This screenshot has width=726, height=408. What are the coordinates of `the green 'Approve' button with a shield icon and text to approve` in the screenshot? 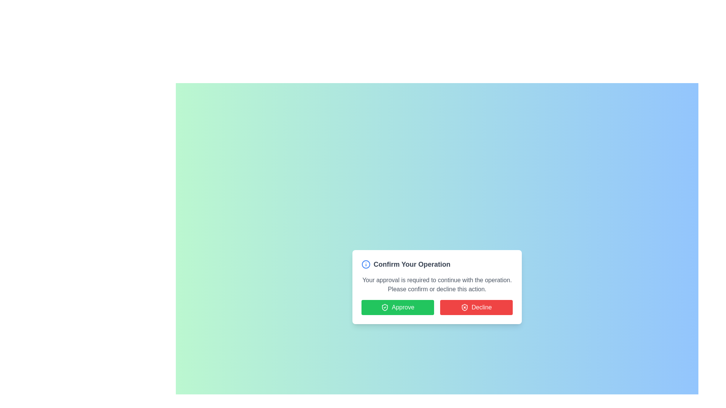 It's located at (397, 307).